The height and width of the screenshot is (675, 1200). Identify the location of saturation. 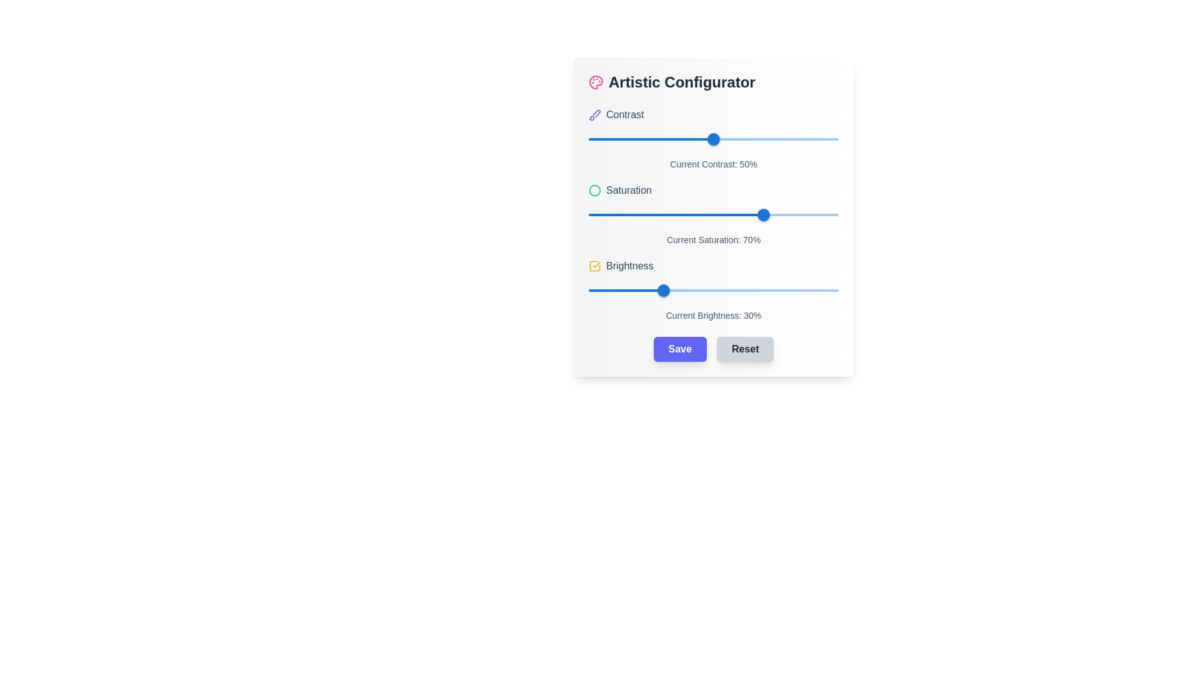
(762, 214).